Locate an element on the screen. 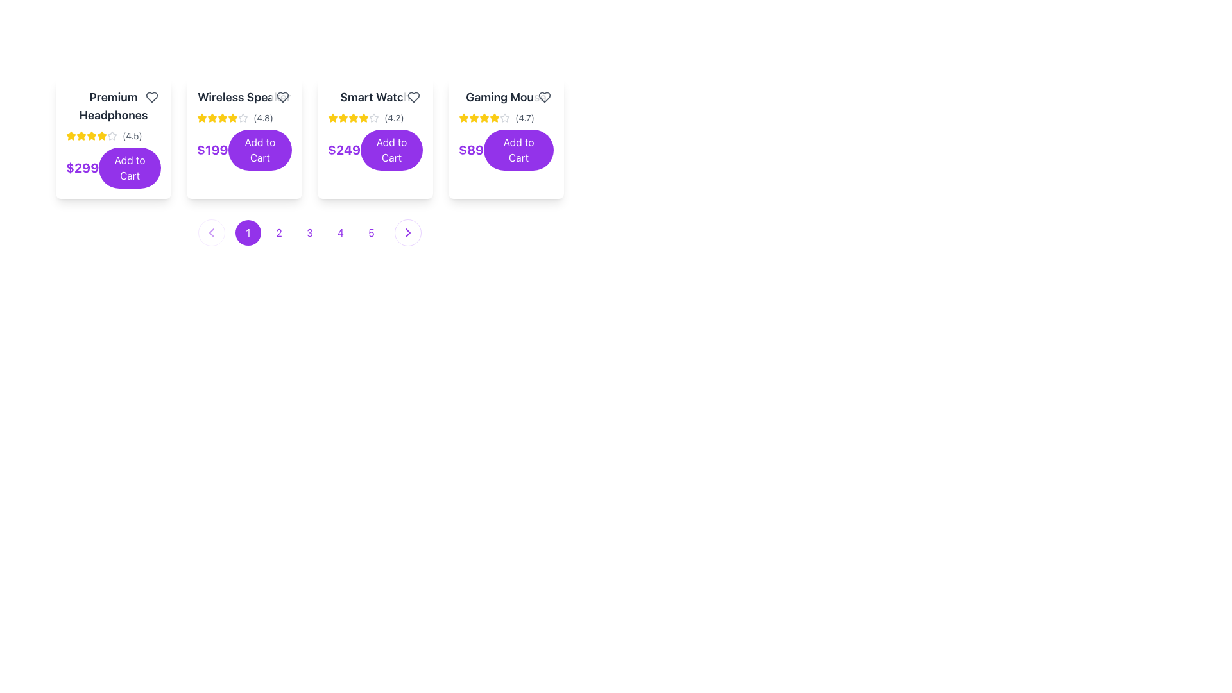 Image resolution: width=1232 pixels, height=693 pixels. the third yellow Rating Star Icon under the 'Smart Watch' title is located at coordinates (354, 117).